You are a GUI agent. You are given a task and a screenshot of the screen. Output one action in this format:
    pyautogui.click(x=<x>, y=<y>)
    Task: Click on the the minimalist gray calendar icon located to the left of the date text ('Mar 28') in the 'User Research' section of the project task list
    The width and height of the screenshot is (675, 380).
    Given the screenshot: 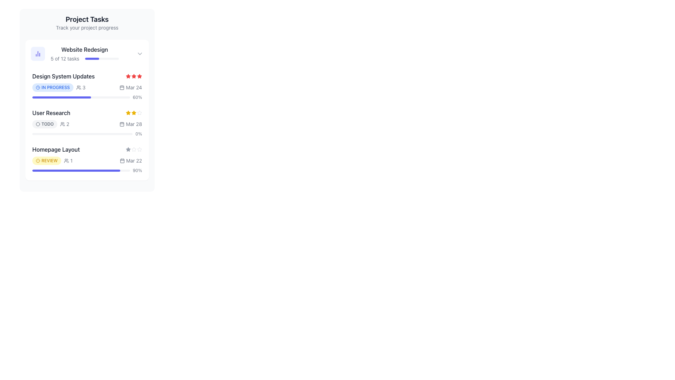 What is the action you would take?
    pyautogui.click(x=122, y=124)
    